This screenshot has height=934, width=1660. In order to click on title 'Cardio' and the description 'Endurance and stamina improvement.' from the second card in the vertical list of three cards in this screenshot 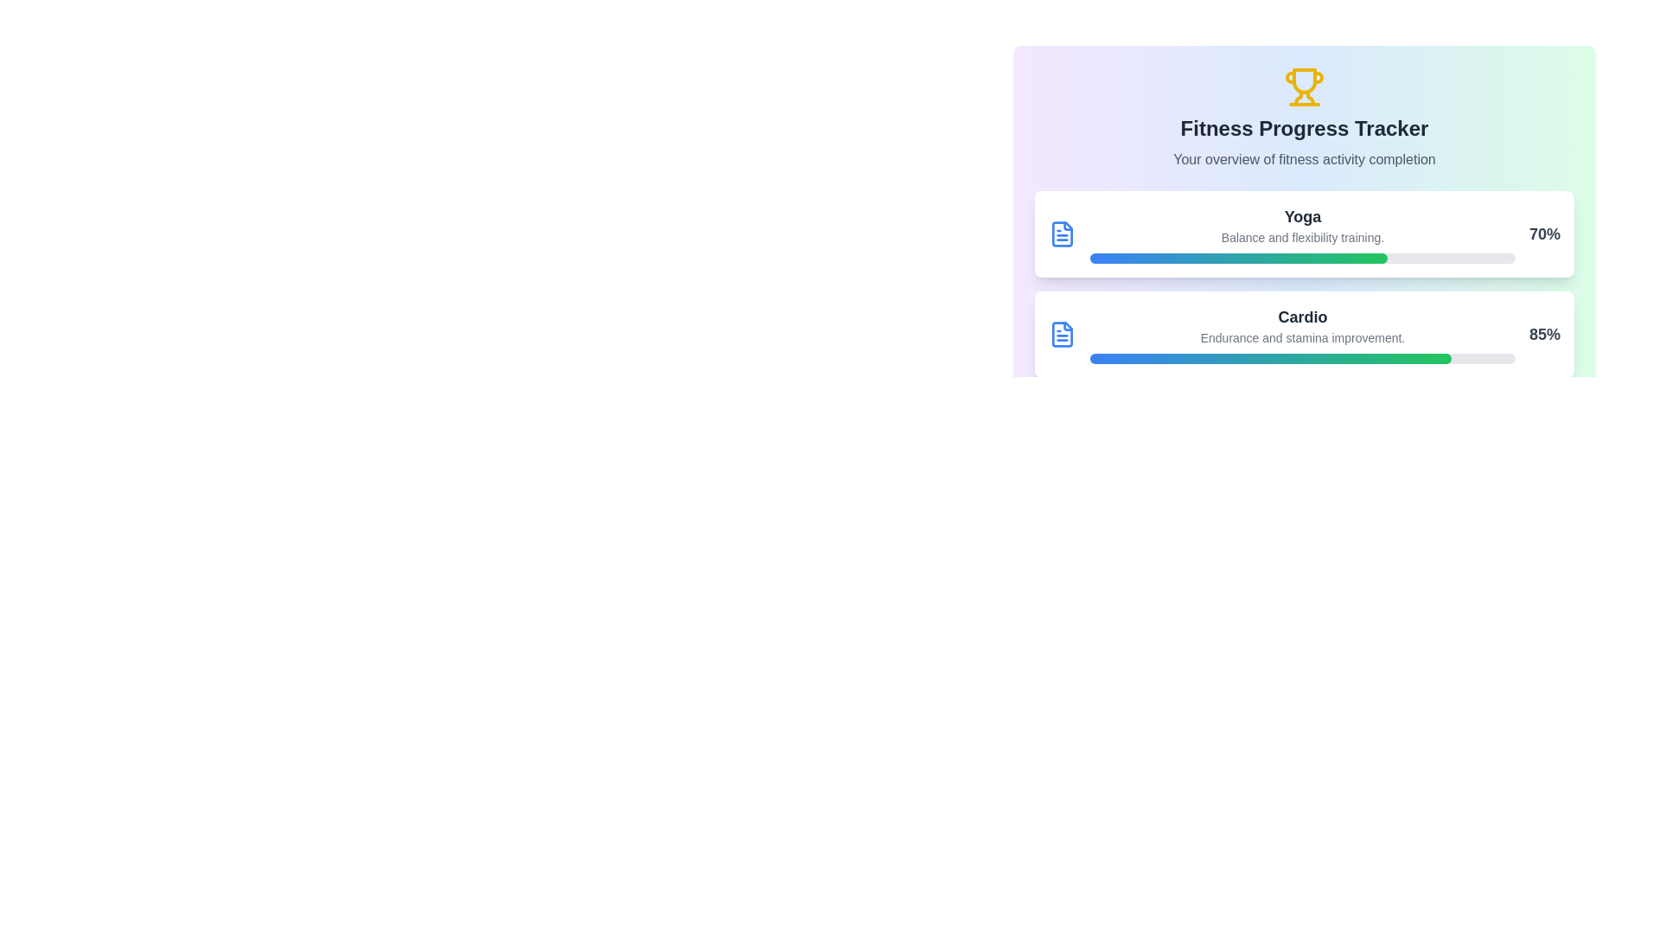, I will do `click(1304, 334)`.